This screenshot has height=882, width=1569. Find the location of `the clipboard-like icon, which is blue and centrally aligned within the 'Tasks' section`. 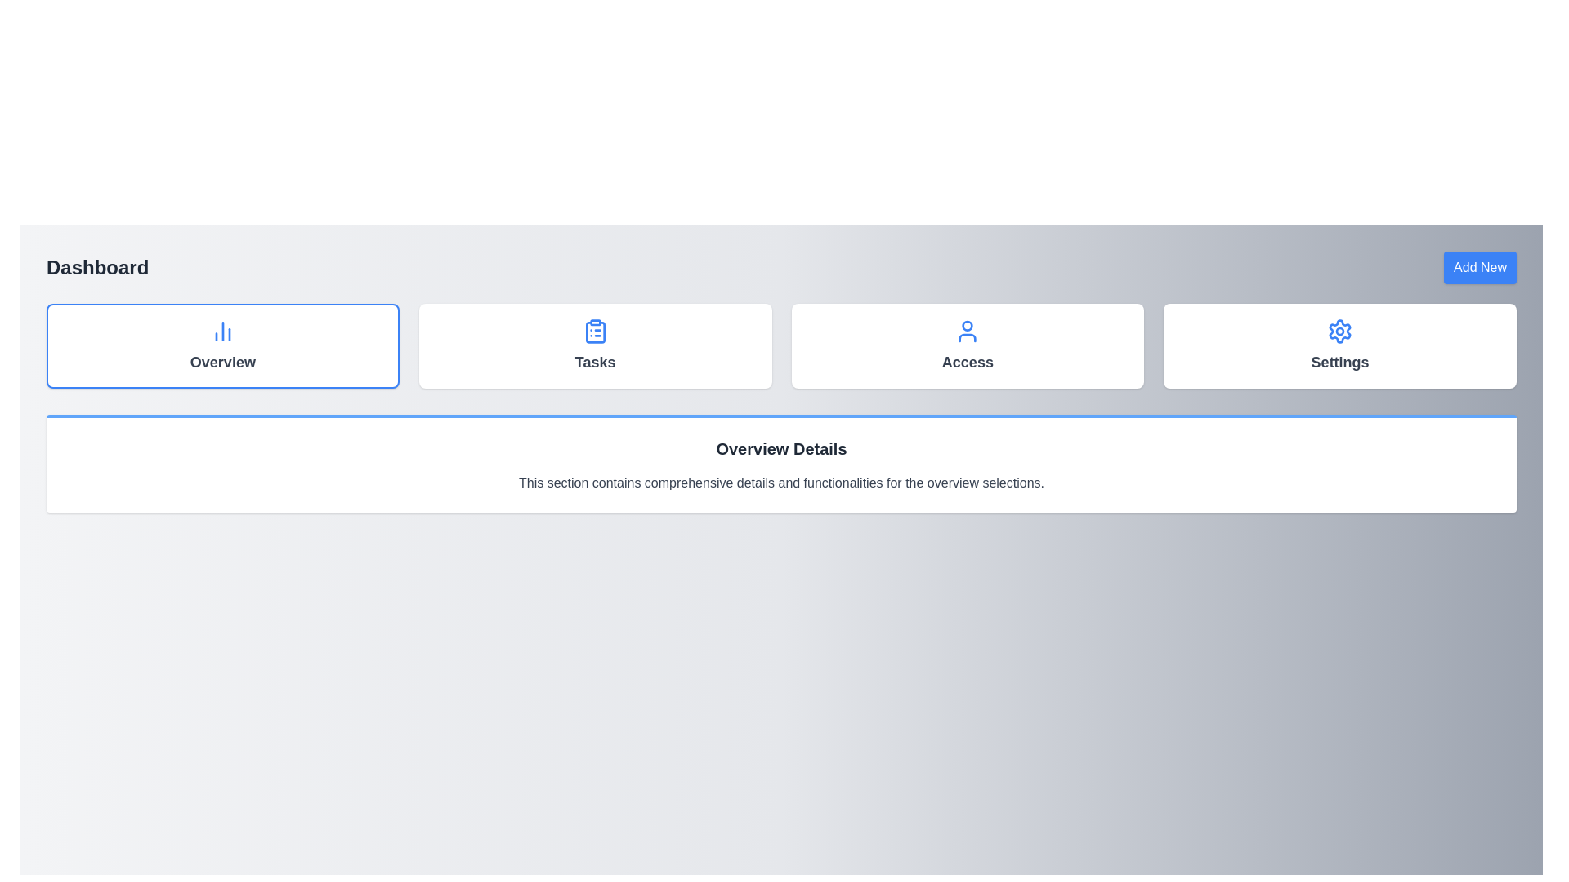

the clipboard-like icon, which is blue and centrally aligned within the 'Tasks' section is located at coordinates (594, 331).